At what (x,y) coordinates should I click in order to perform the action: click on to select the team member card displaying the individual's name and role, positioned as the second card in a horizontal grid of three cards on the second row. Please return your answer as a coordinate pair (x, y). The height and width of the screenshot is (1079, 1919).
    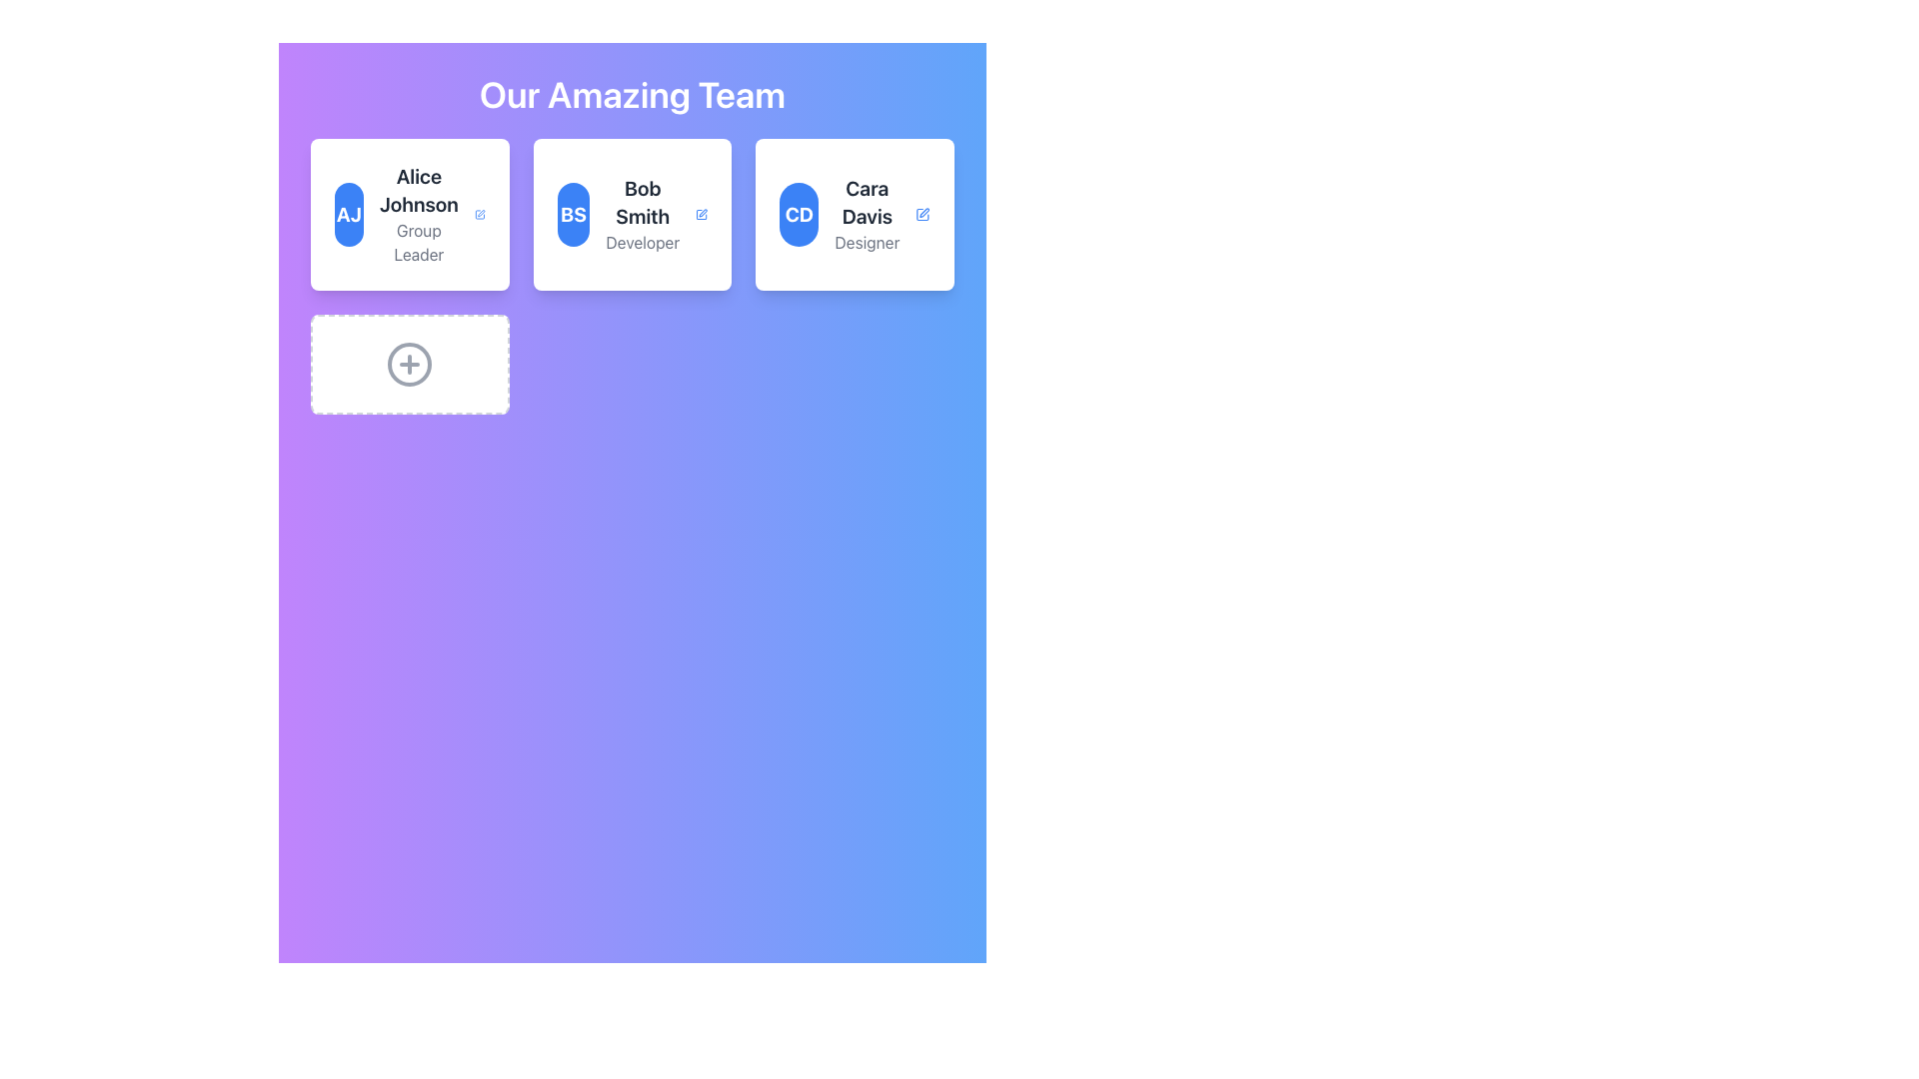
    Looking at the image, I should click on (632, 215).